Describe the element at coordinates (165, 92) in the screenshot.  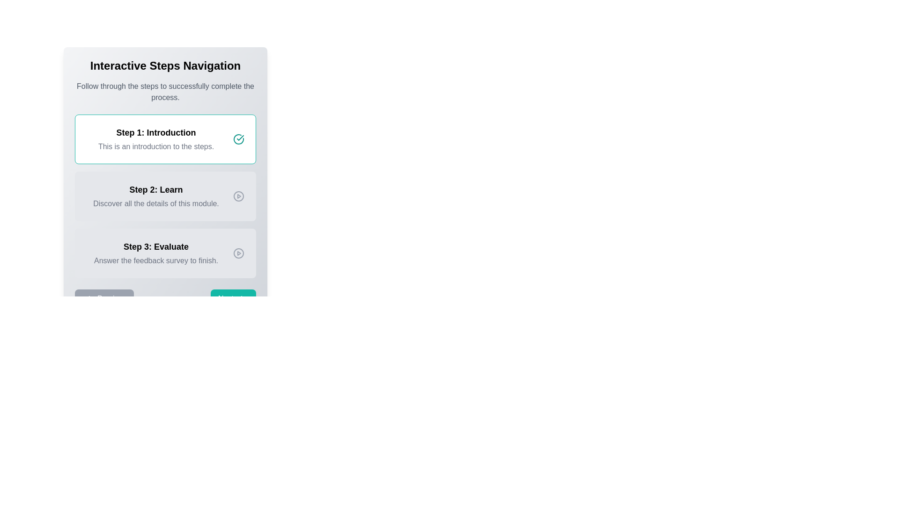
I see `text content of the instruction that says 'Follow through the steps to successfully complete the process.' which is styled in gray and located below the title 'Interactive Steps Navigation'` at that location.